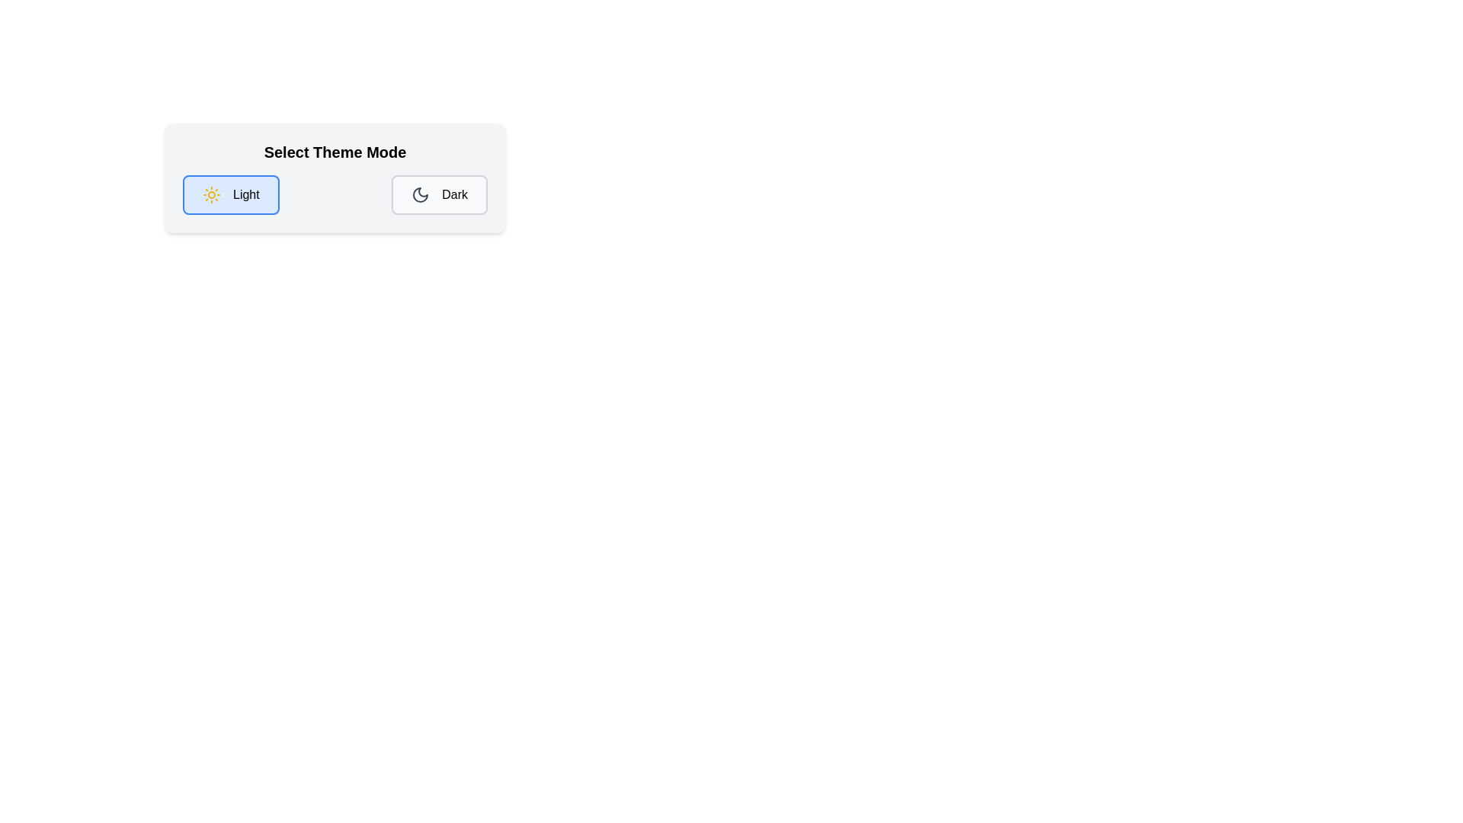  What do you see at coordinates (229, 194) in the screenshot?
I see `the Light button to trigger its visual interaction` at bounding box center [229, 194].